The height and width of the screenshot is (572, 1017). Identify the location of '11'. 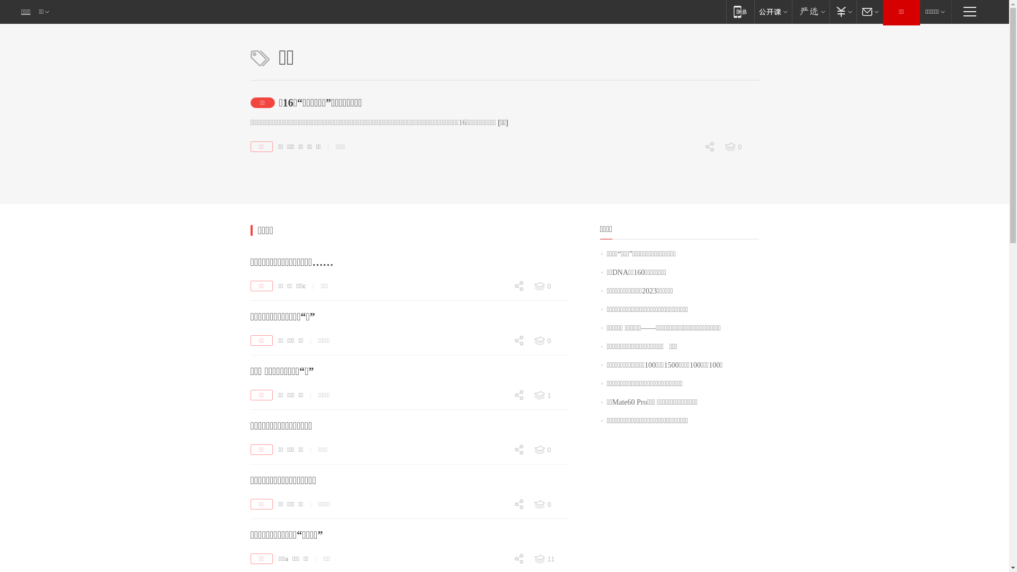
(550, 559).